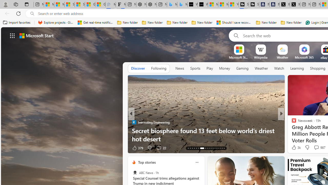  What do you see at coordinates (295, 148) in the screenshot?
I see `'241 Like'` at bounding box center [295, 148].